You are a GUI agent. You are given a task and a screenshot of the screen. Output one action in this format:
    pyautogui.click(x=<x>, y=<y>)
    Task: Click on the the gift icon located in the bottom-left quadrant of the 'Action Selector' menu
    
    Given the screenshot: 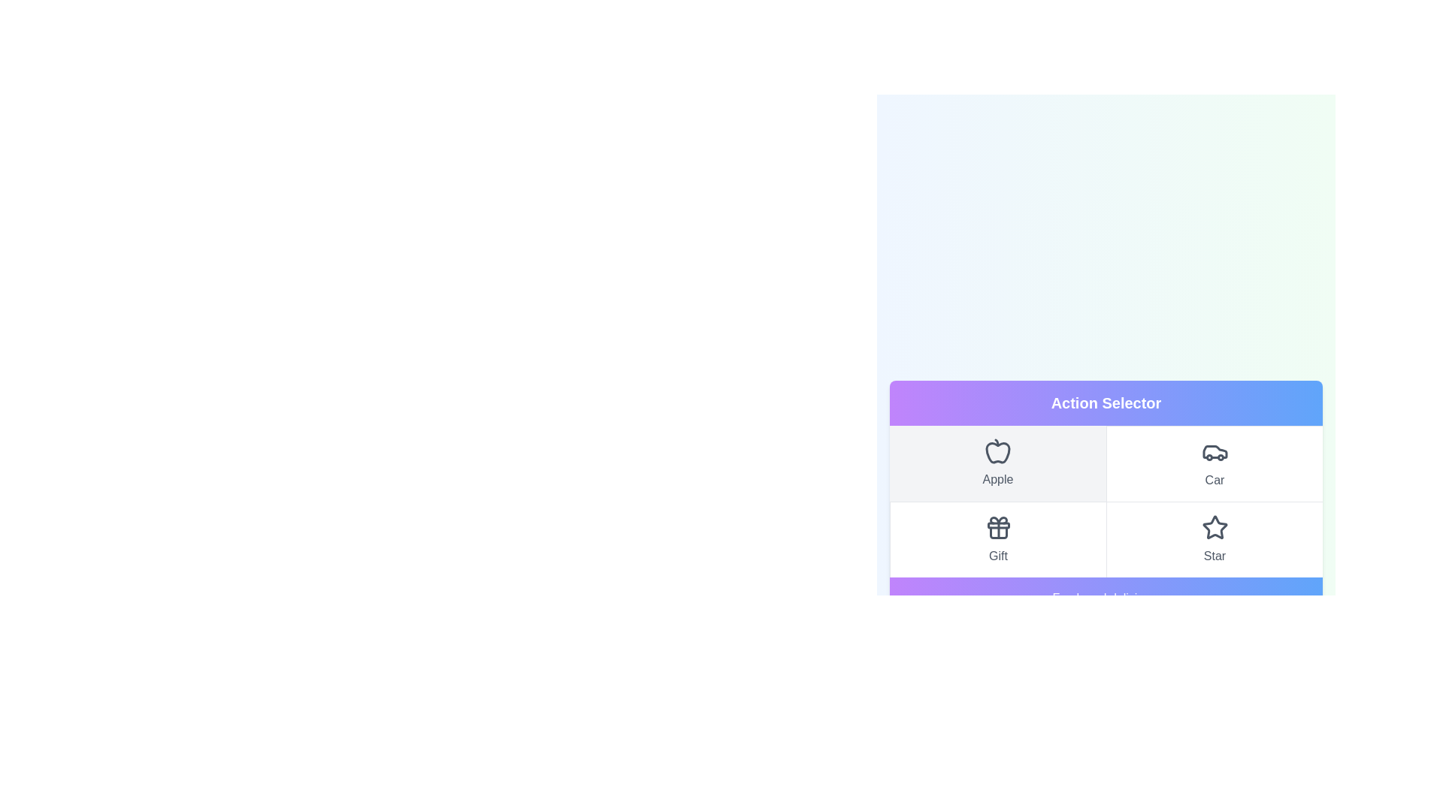 What is the action you would take?
    pyautogui.click(x=998, y=526)
    